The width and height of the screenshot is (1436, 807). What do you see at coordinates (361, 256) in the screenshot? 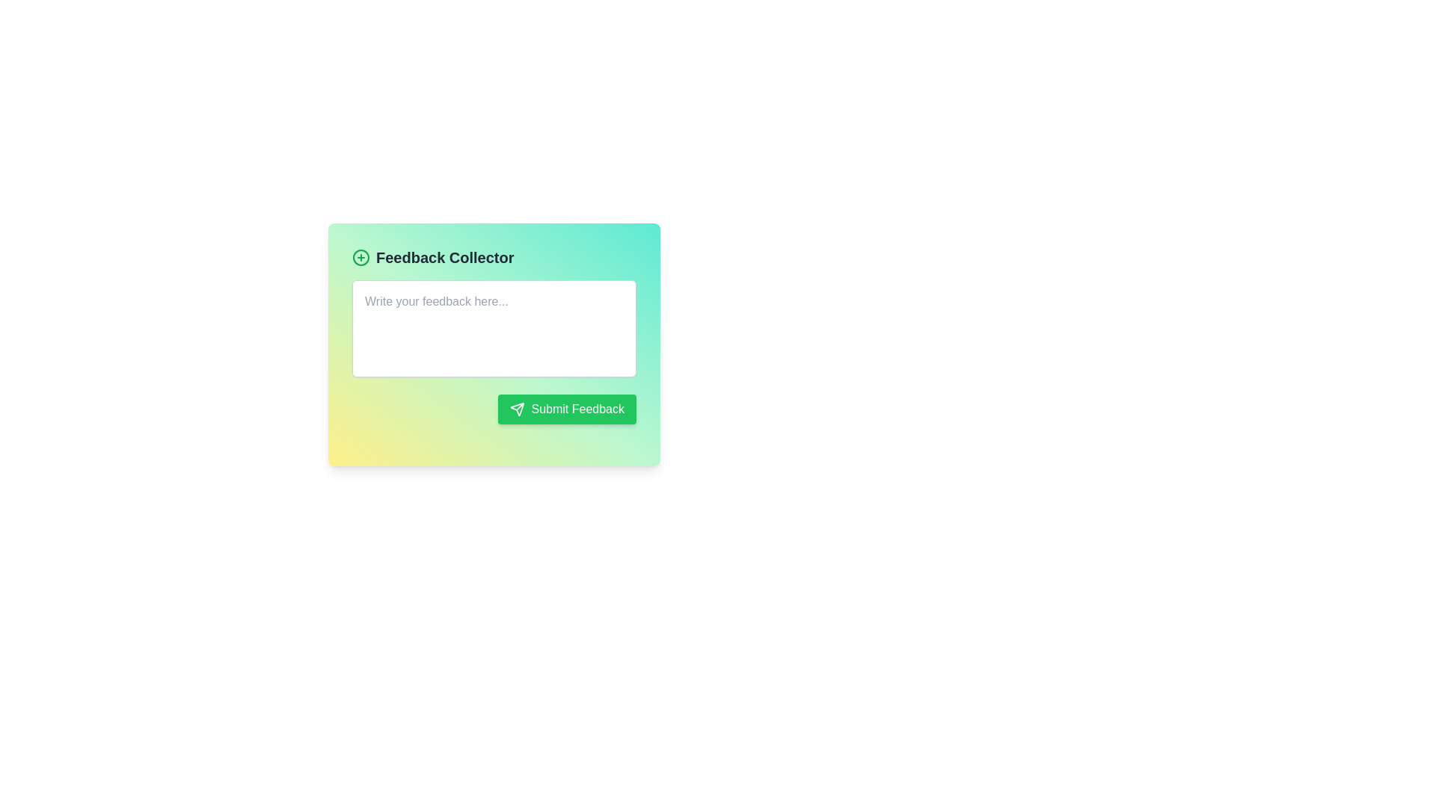
I see `the circular graphic element that is part of the greenish plus sign icon located at the top-left corner of the 'Feedback Collector' area` at bounding box center [361, 256].